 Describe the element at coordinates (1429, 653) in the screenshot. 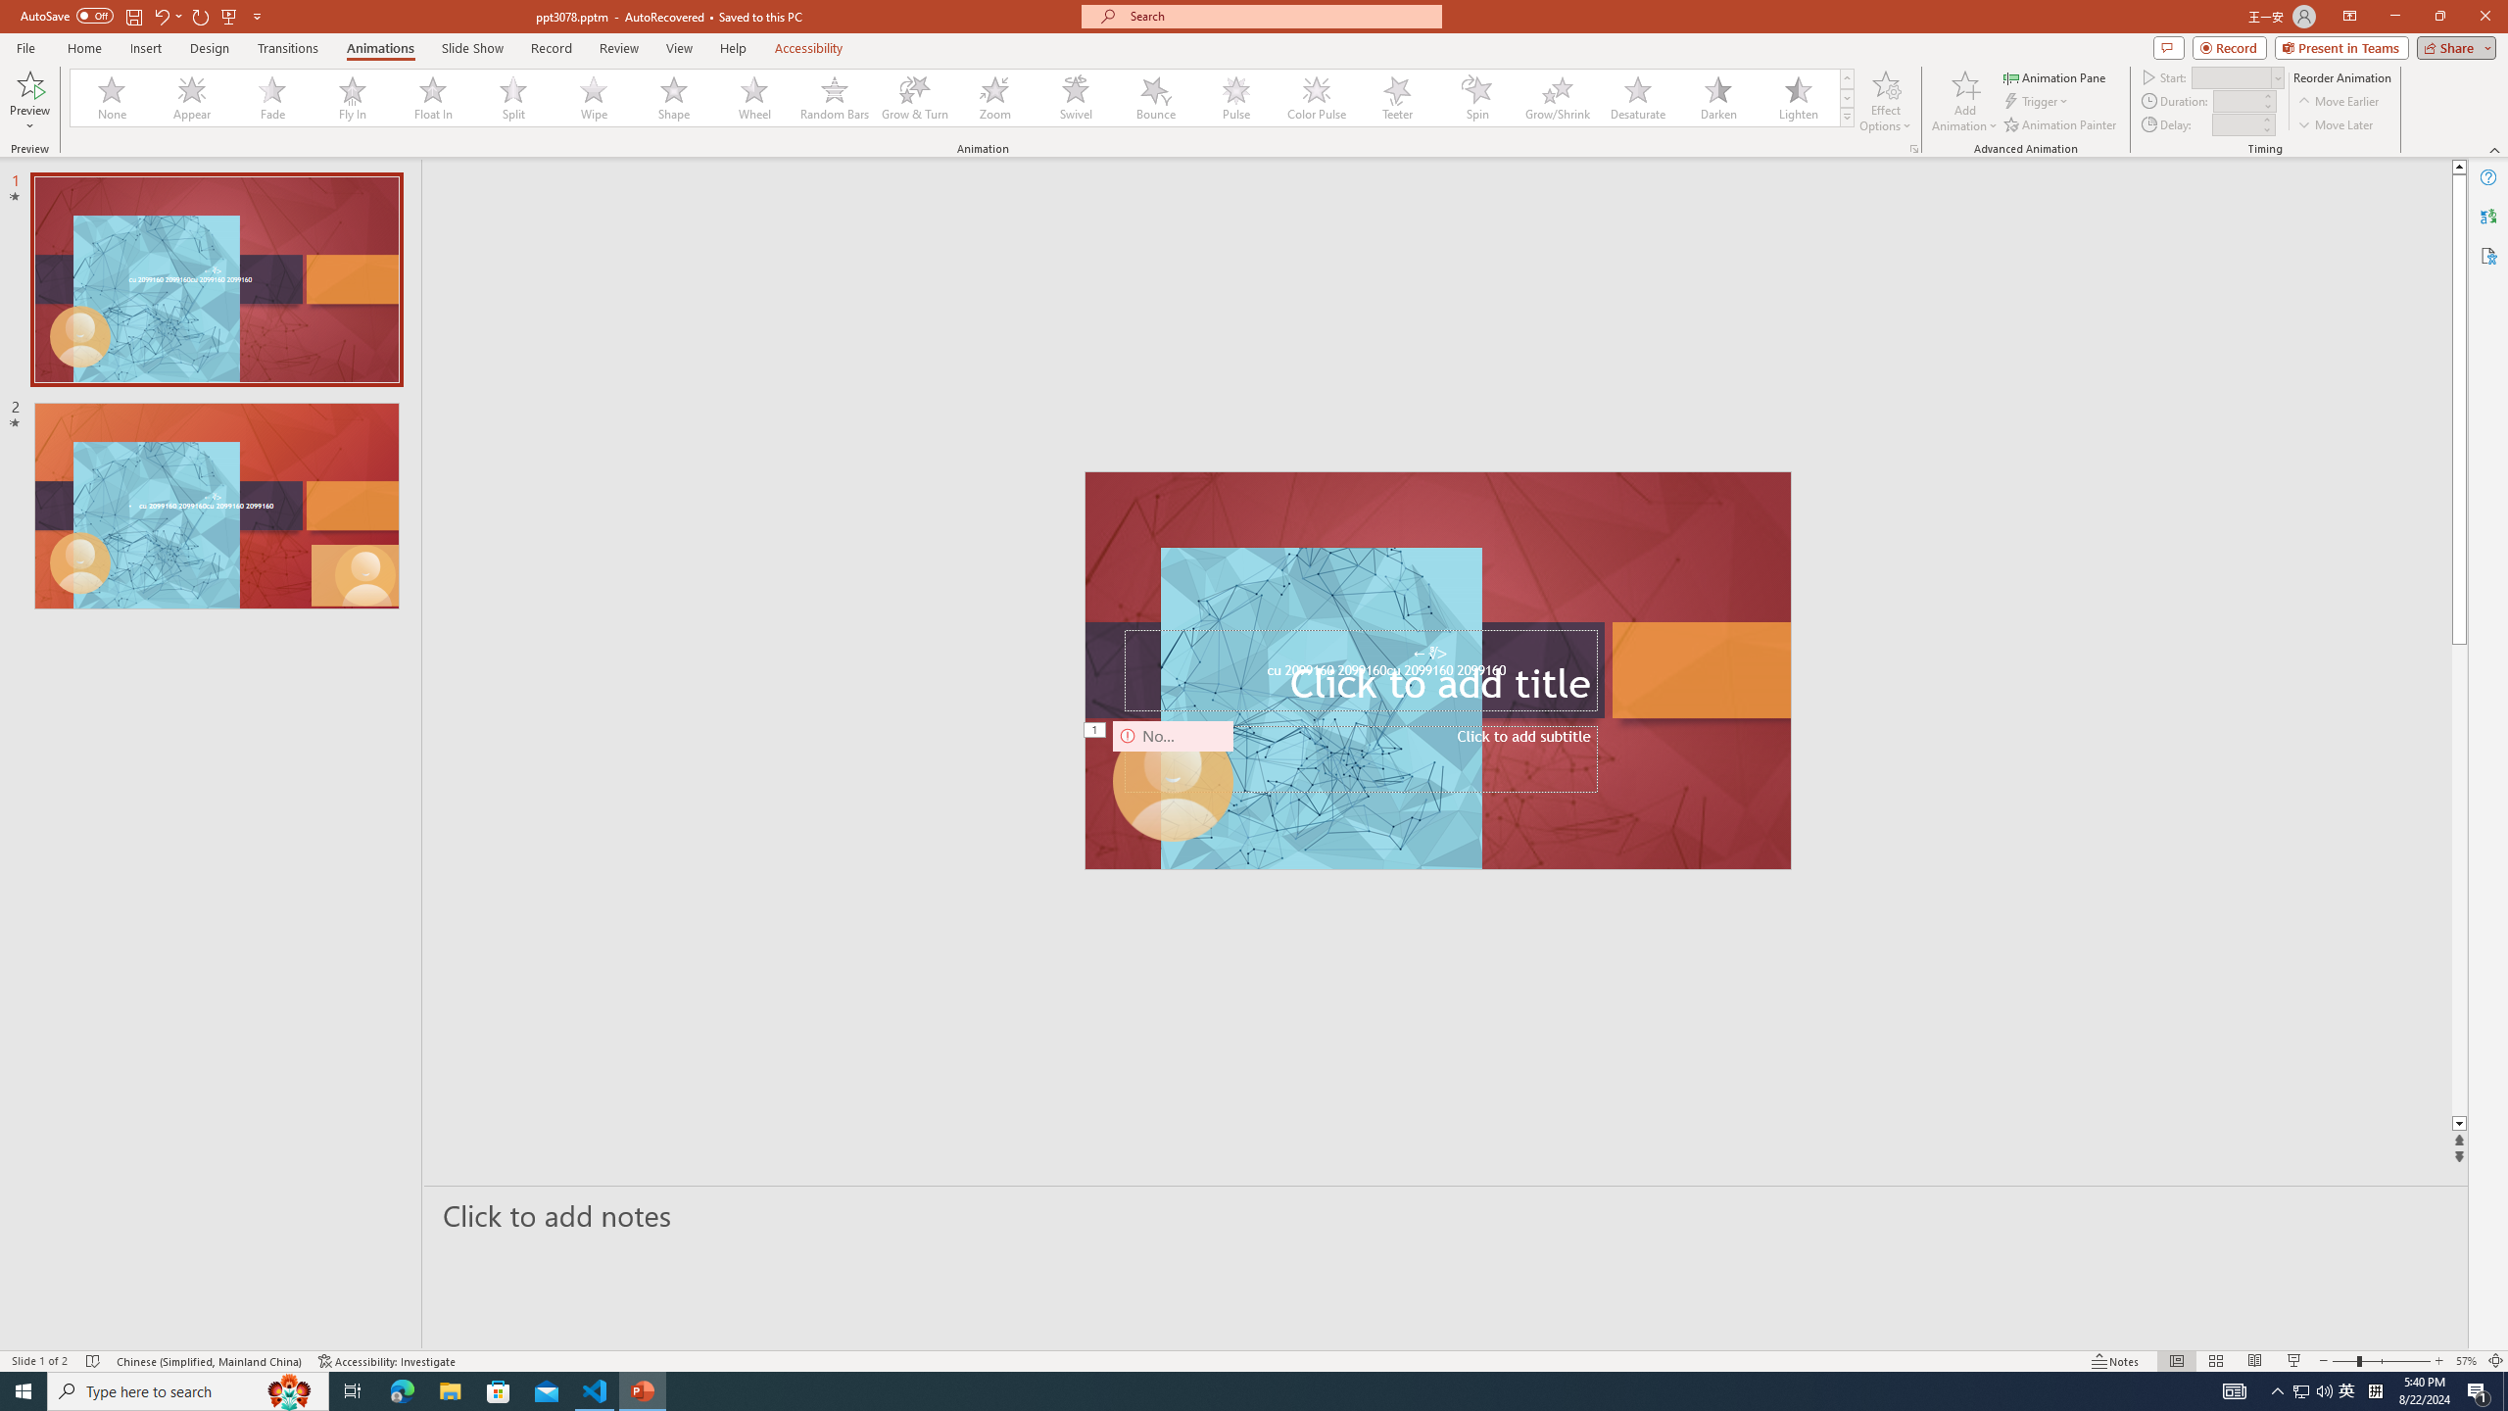

I see `'TextBox 7'` at that location.